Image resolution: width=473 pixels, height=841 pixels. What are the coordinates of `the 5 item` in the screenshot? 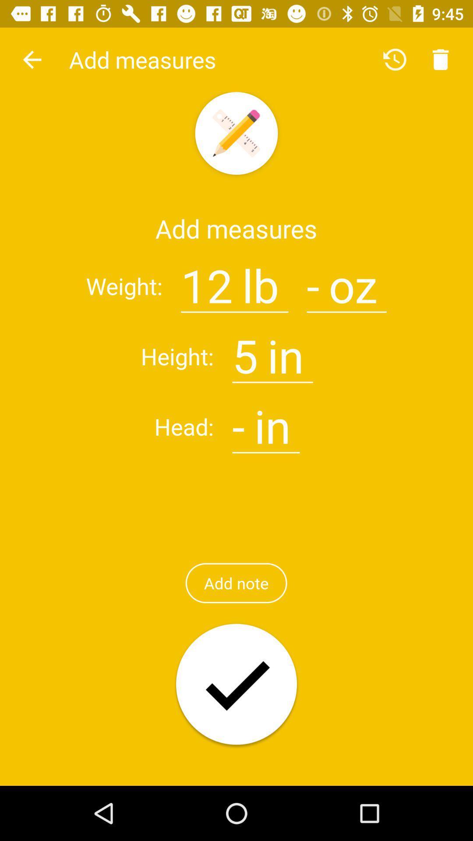 It's located at (245, 351).